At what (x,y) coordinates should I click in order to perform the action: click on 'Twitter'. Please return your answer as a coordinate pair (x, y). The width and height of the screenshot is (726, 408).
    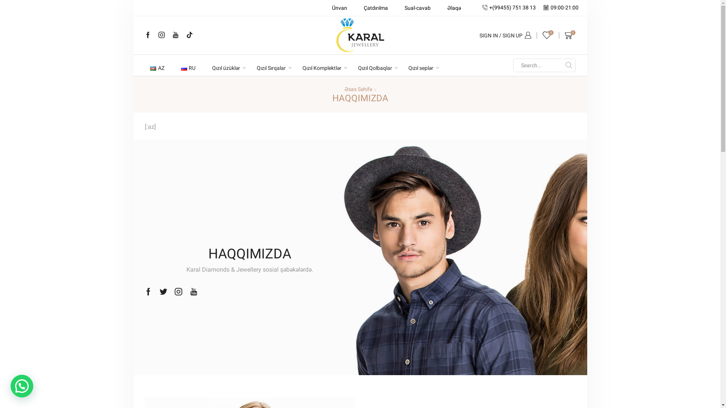
    Looking at the image, I should click on (163, 291).